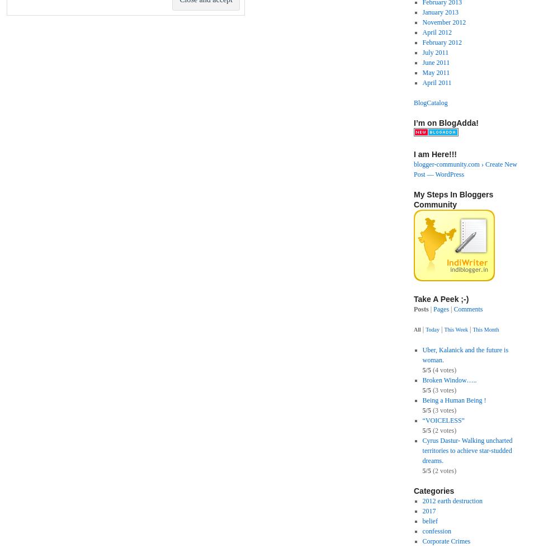 The image size is (548, 548). What do you see at coordinates (456, 329) in the screenshot?
I see `'This Week'` at bounding box center [456, 329].